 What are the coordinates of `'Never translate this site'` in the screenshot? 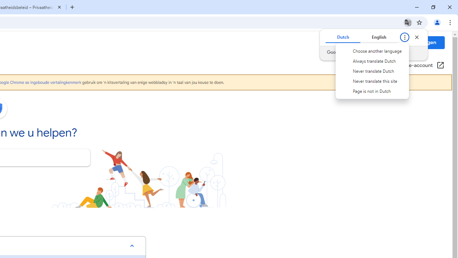 It's located at (372, 81).